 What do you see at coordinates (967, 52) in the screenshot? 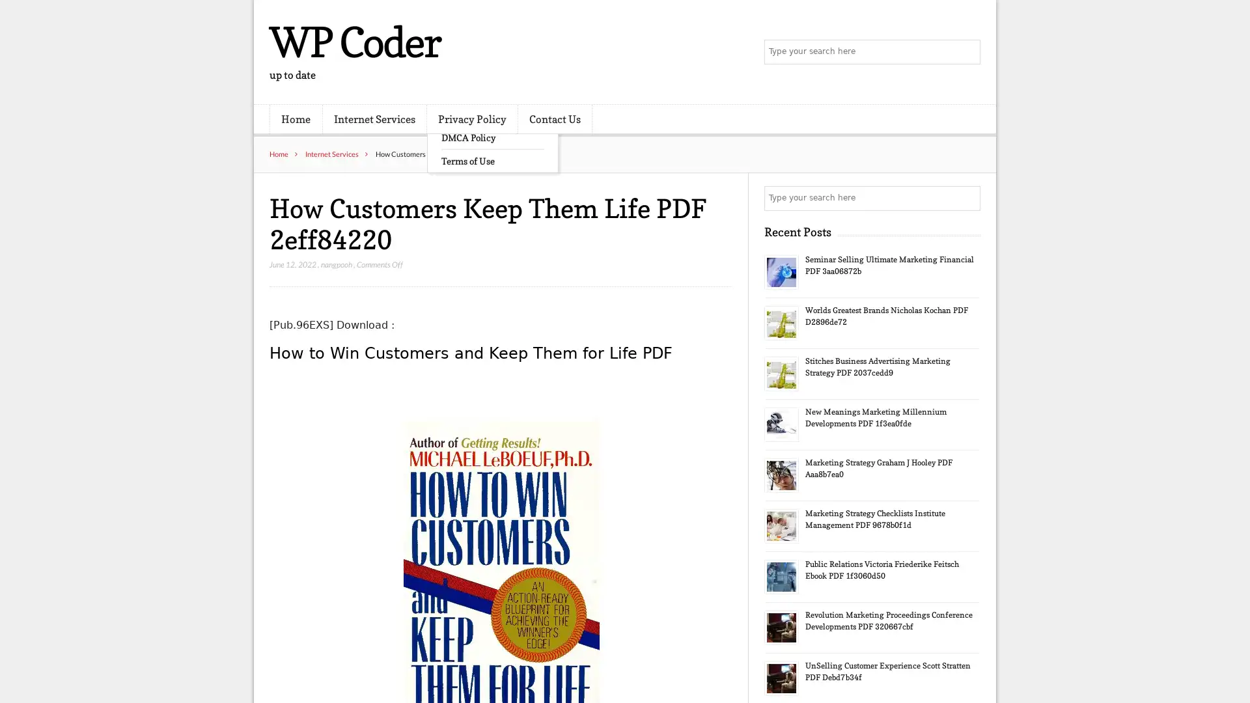
I see `Search` at bounding box center [967, 52].